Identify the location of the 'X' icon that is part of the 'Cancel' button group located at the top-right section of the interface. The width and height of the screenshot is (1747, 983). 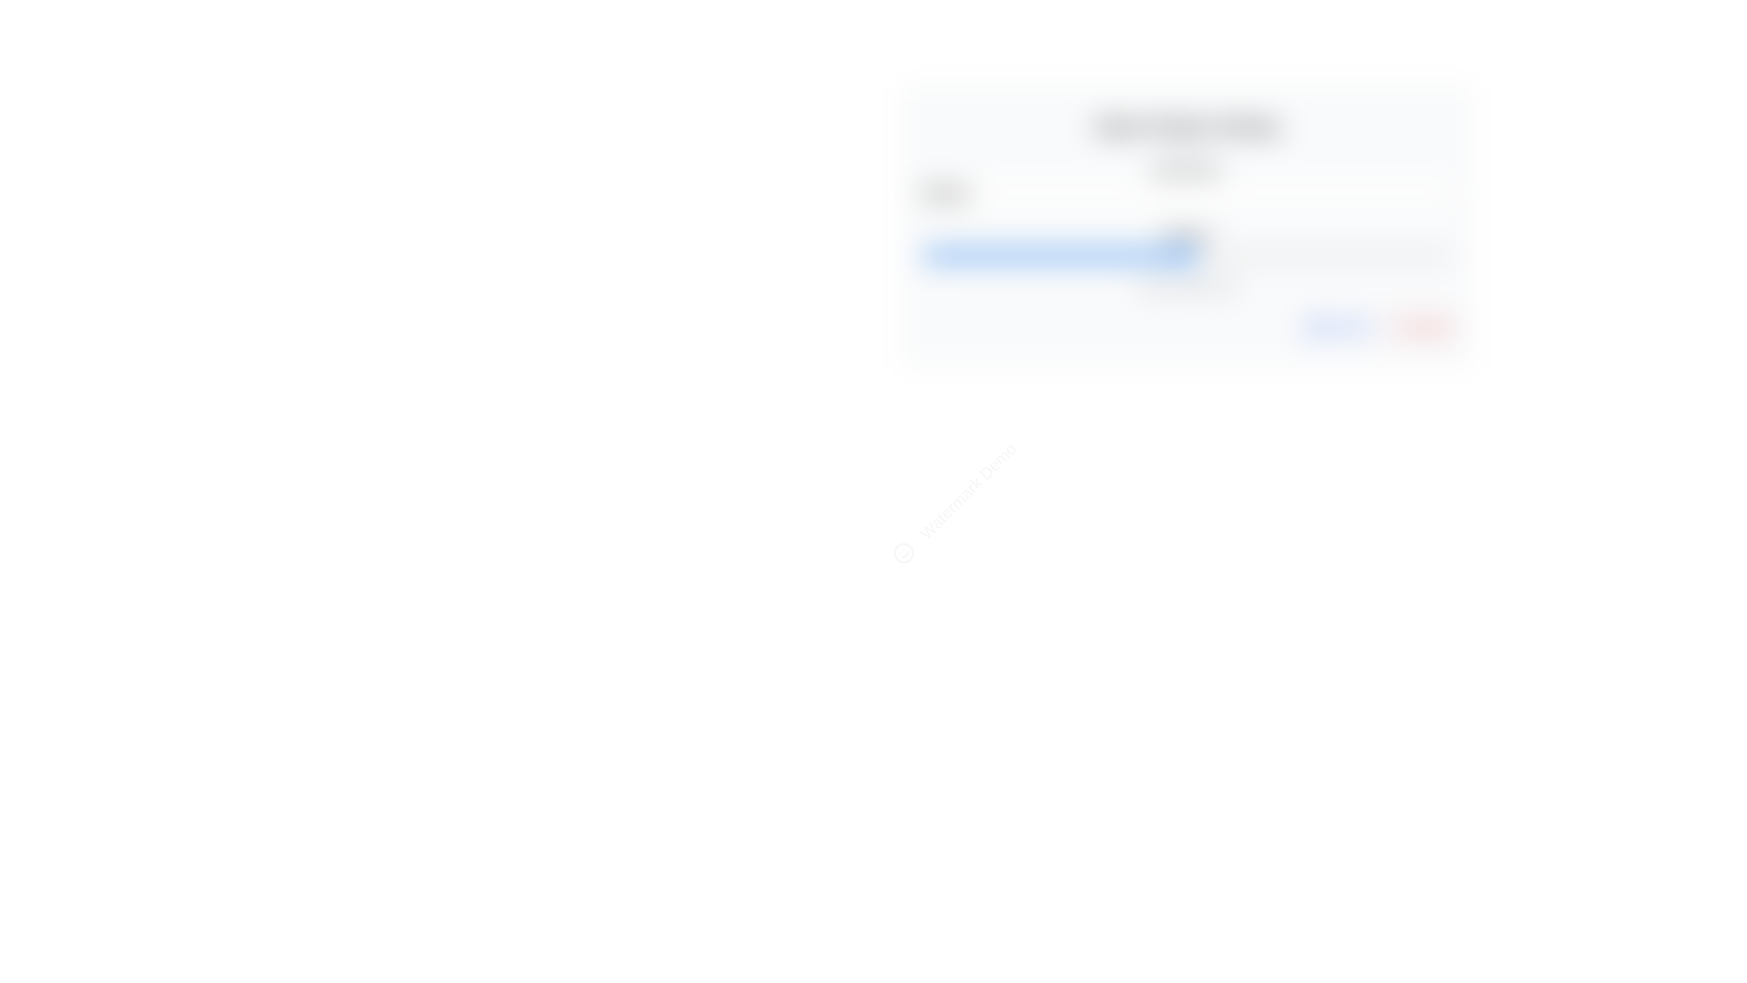
(1397, 326).